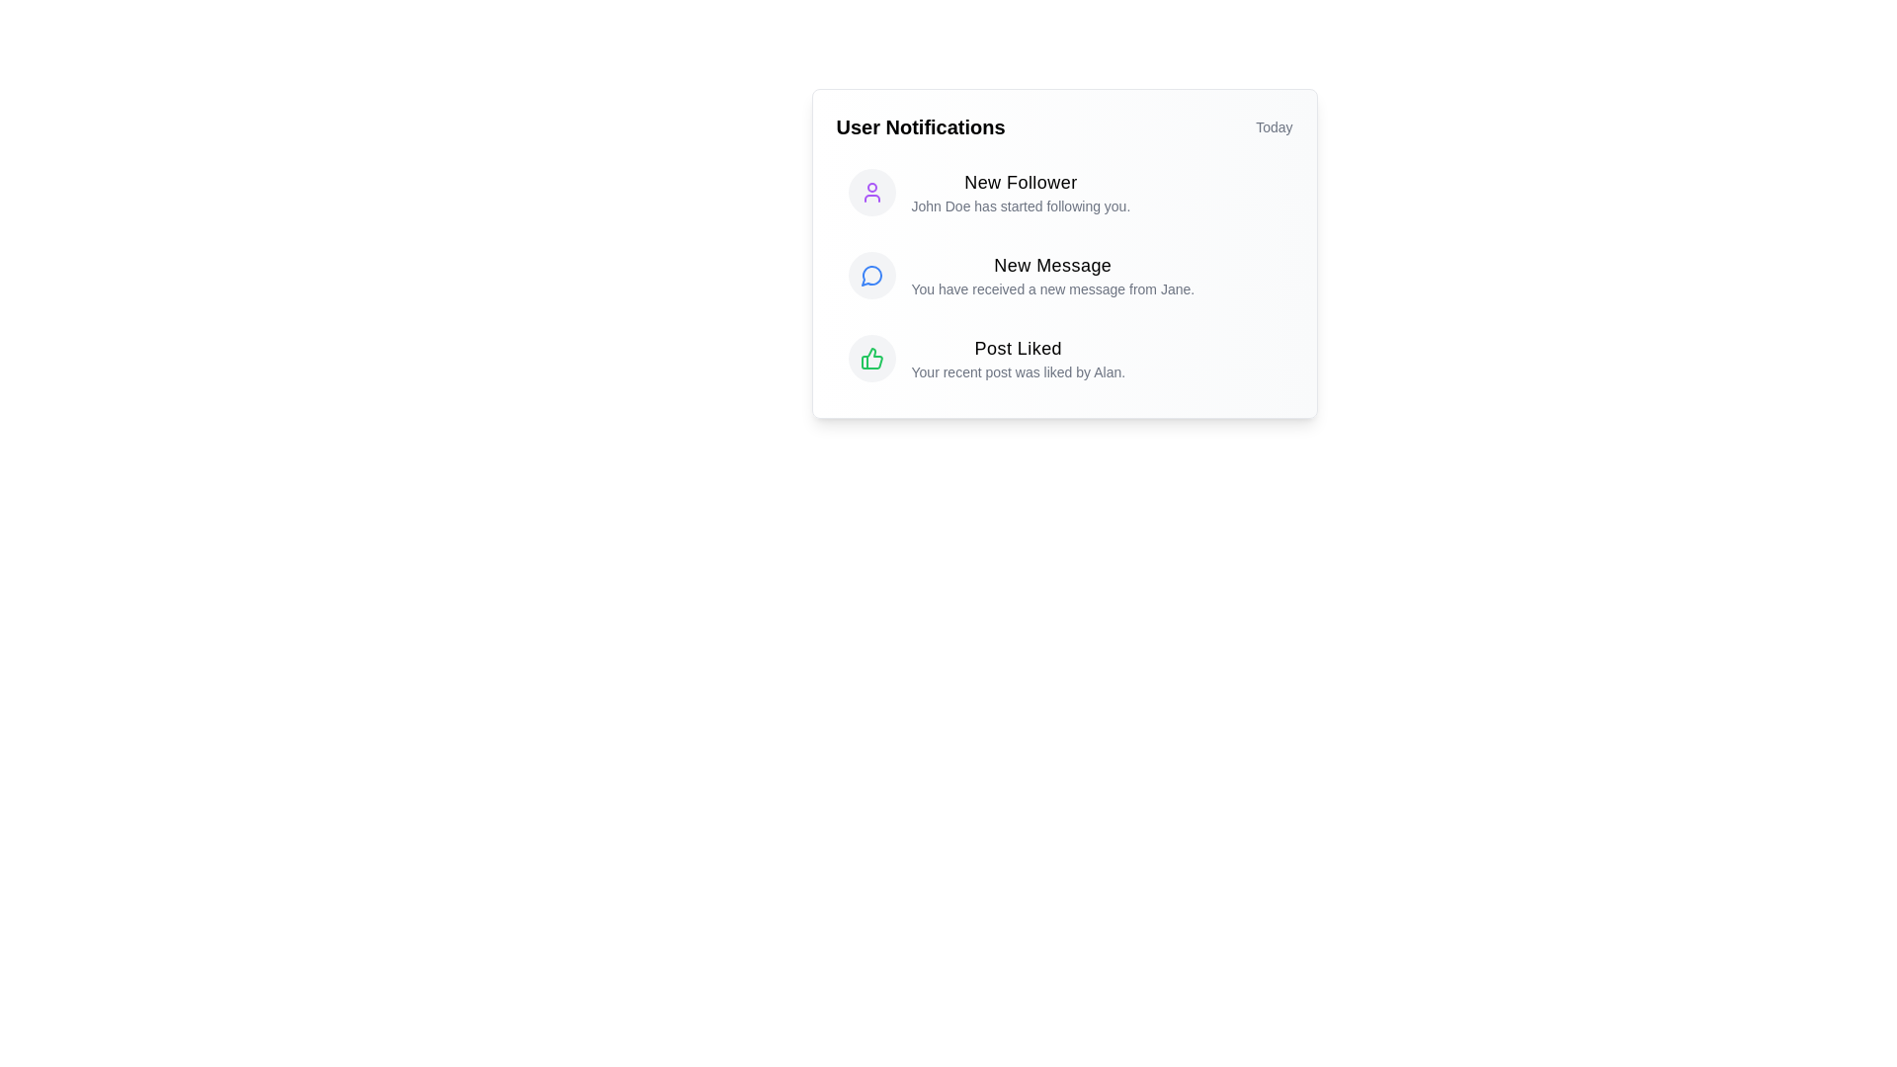 The width and height of the screenshot is (1897, 1067). Describe the element at coordinates (1018, 372) in the screenshot. I see `notification message 'Your recent post was liked by Alan.' displayed in gray font below the title 'Post Liked' in the third notification card under 'User Notifications'` at that location.